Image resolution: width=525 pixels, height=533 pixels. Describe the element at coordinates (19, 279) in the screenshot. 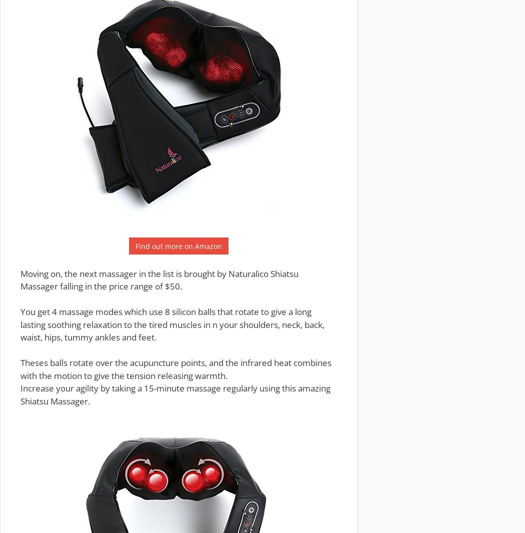

I see `'Naturalico Shiatsu Massager'` at that location.